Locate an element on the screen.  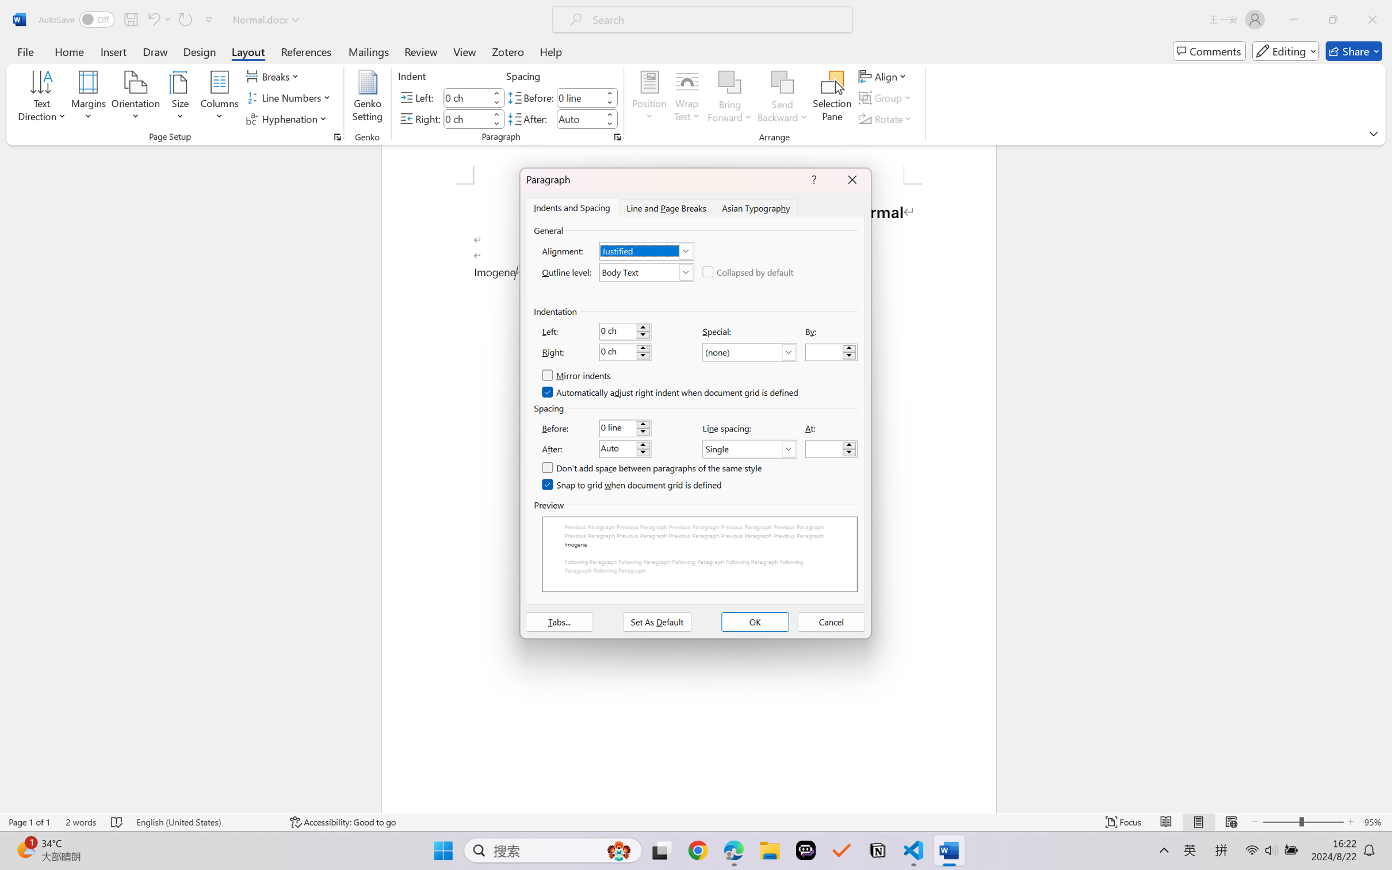
'Text Direction' is located at coordinates (42, 98).